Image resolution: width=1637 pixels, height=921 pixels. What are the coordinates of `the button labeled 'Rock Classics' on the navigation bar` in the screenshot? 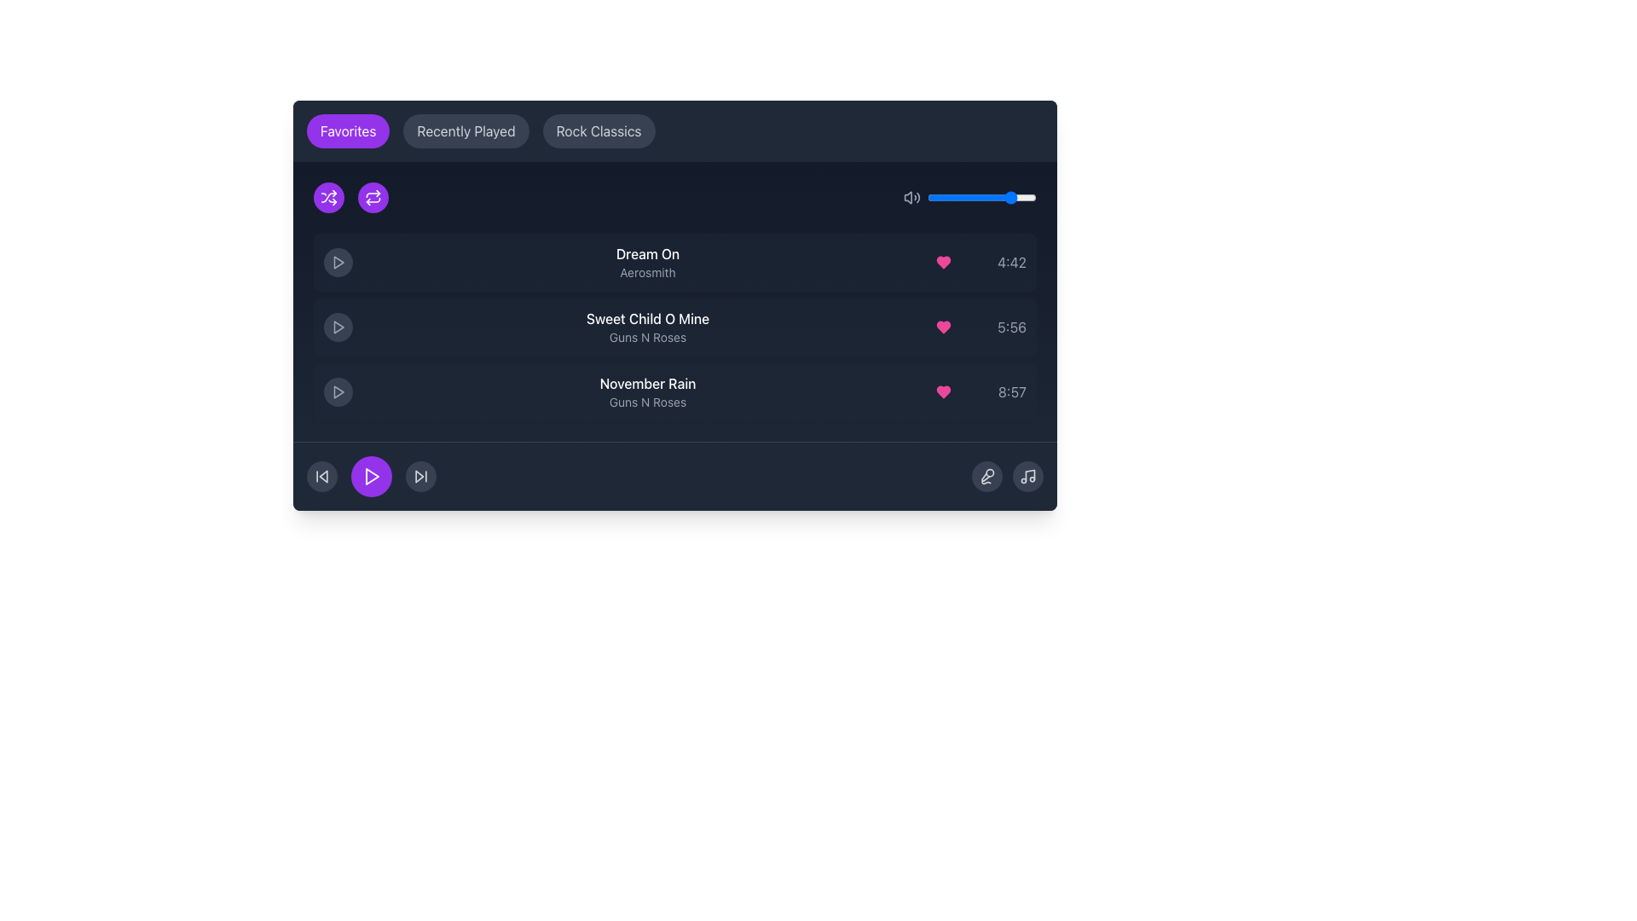 It's located at (674, 130).